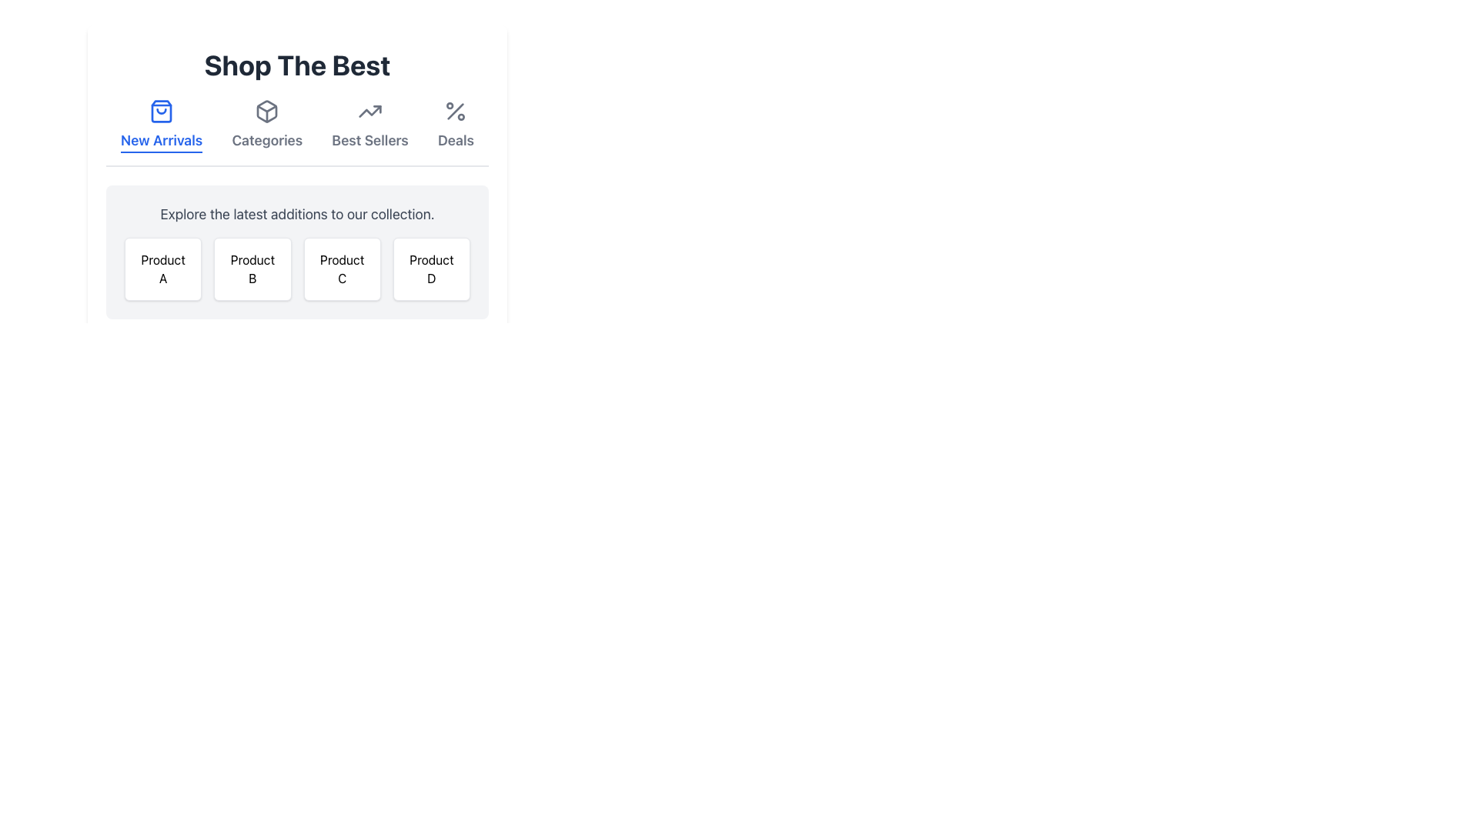  What do you see at coordinates (455, 140) in the screenshot?
I see `the 'Deals' text label, which is a bold gray label located under a percentage icon and is the fourth element in a horizontal row of similar labels` at bounding box center [455, 140].